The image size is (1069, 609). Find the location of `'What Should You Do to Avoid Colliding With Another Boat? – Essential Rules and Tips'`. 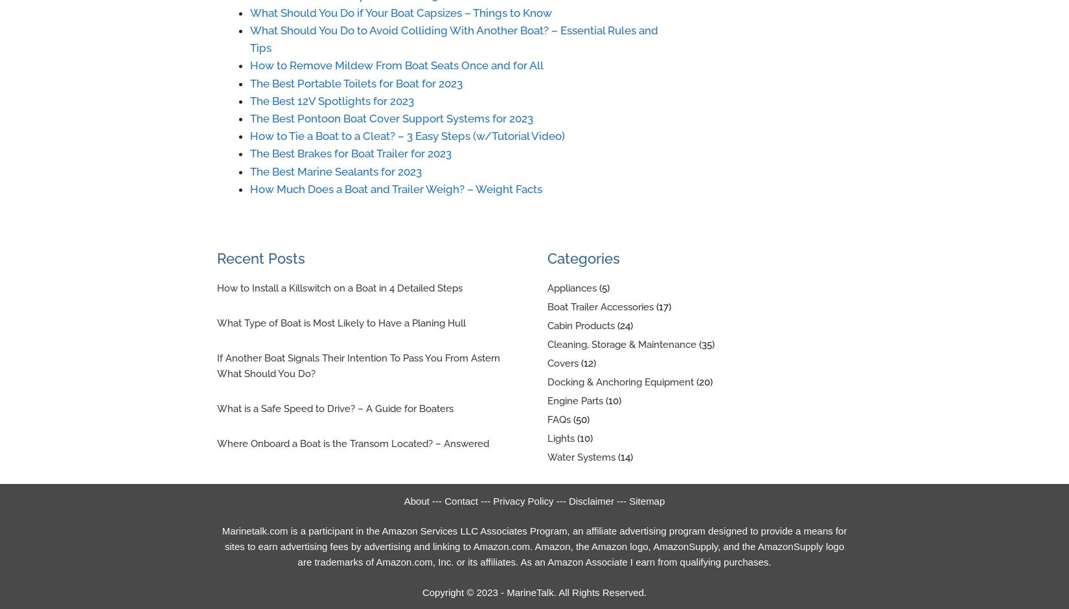

'What Should You Do to Avoid Colliding With Another Boat? – Essential Rules and Tips' is located at coordinates (453, 38).